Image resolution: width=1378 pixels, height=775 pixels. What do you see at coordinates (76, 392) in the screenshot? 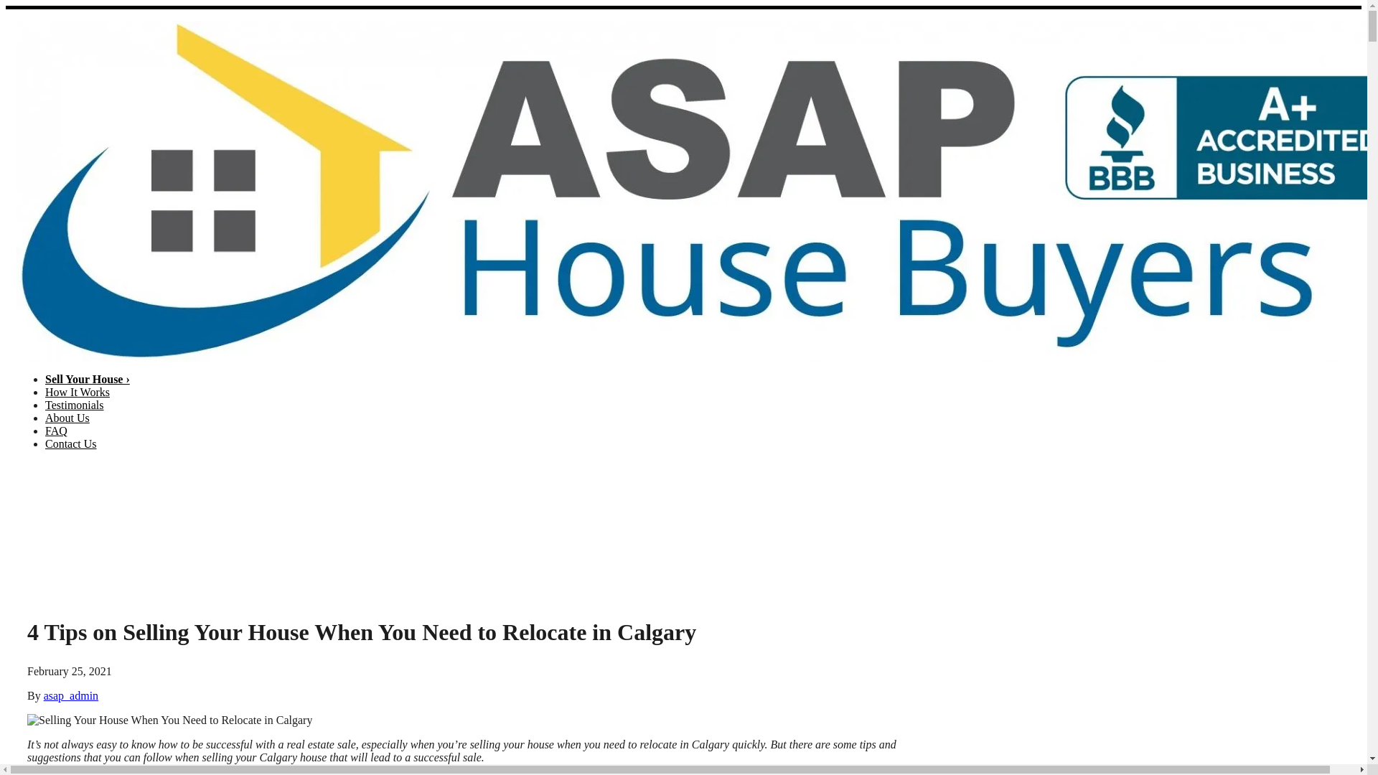
I see `'How It Works'` at bounding box center [76, 392].